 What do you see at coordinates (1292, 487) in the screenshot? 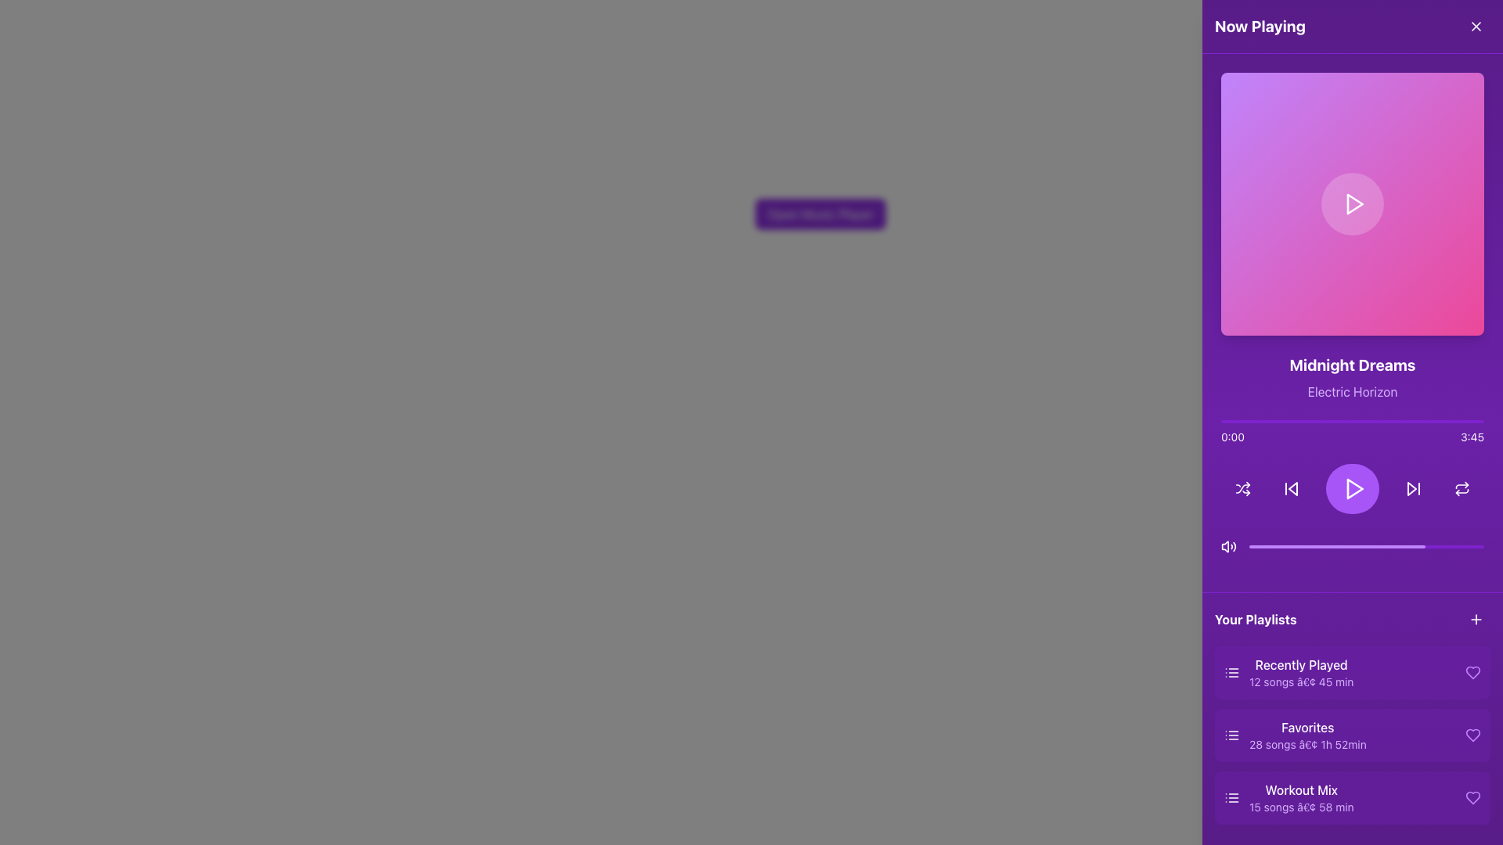
I see `the skip back button, which is a circular icon located` at bounding box center [1292, 487].